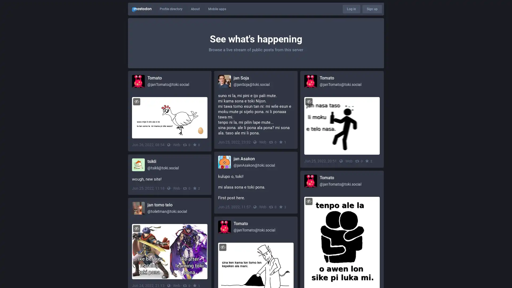  What do you see at coordinates (309, 101) in the screenshot?
I see `Hide image` at bounding box center [309, 101].